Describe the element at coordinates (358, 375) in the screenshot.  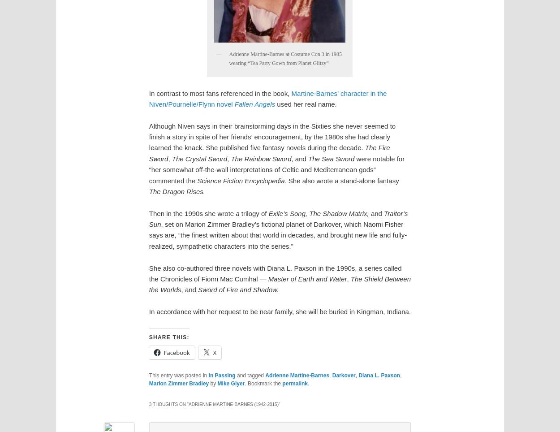
I see `'Diana L. Paxson'` at that location.